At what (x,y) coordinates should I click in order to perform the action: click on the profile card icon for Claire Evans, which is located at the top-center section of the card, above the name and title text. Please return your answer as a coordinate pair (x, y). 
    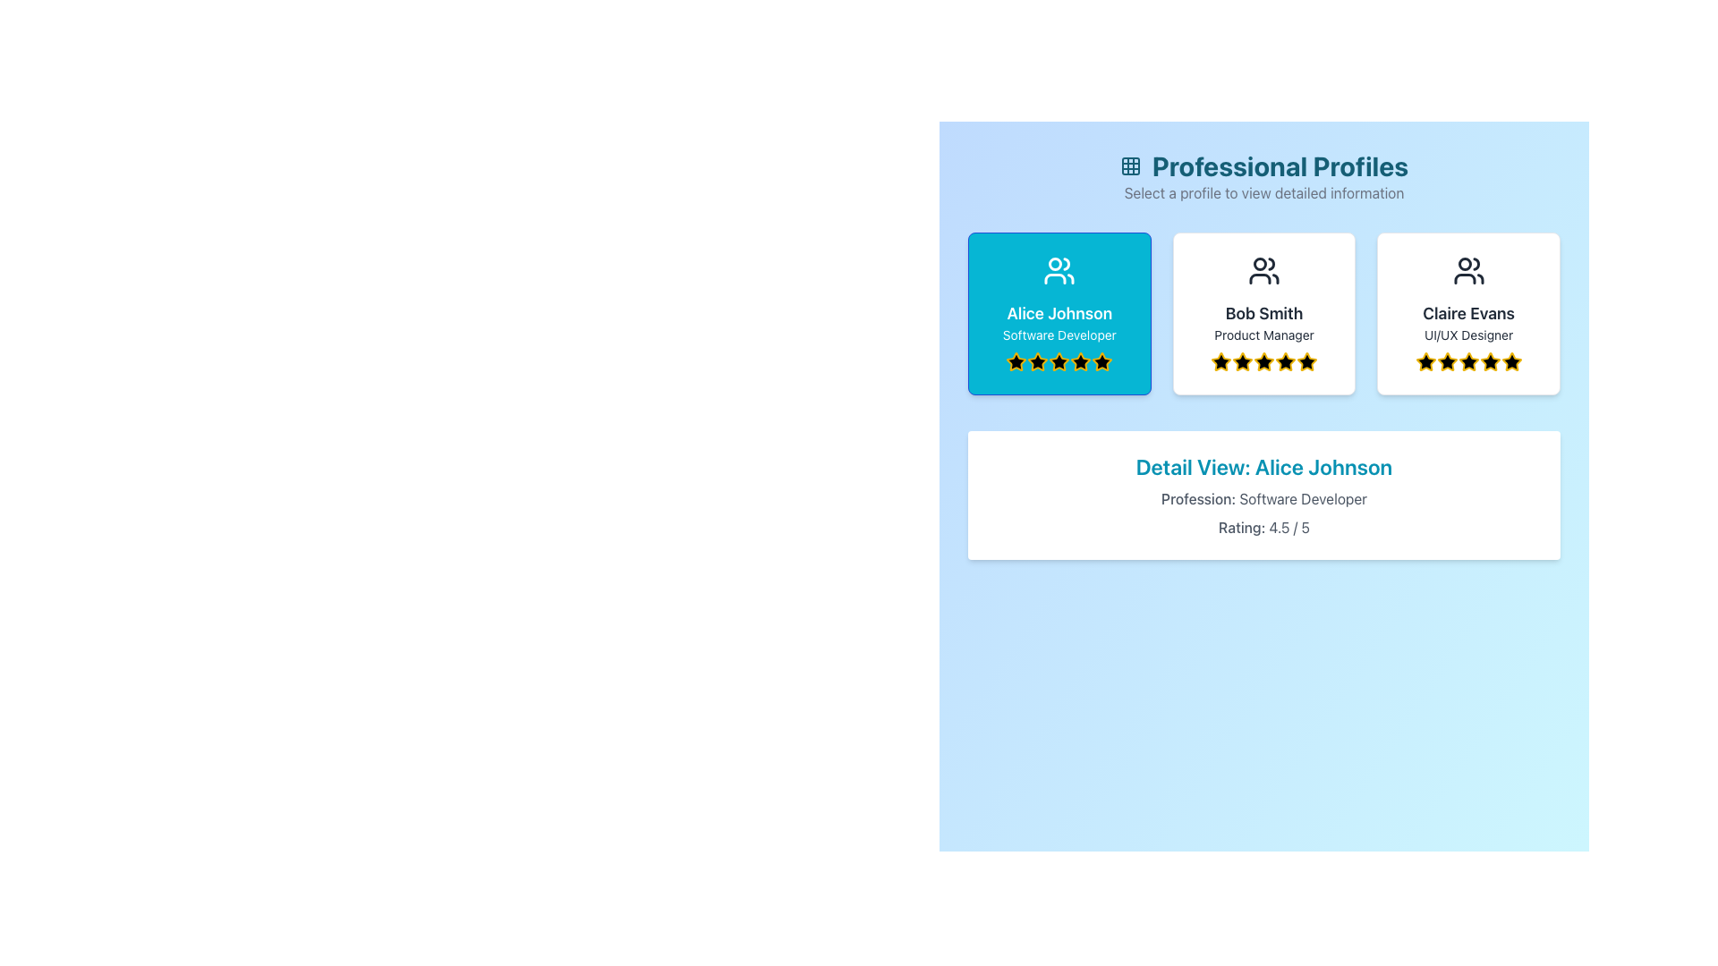
    Looking at the image, I should click on (1468, 271).